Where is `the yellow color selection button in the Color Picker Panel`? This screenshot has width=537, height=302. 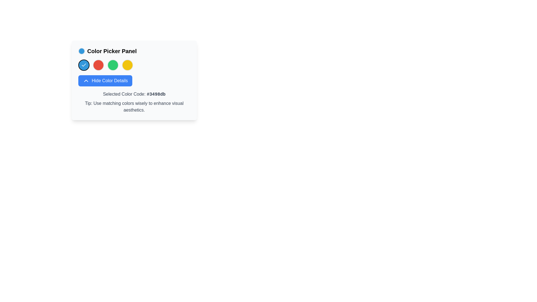
the yellow color selection button in the Color Picker Panel is located at coordinates (127, 65).